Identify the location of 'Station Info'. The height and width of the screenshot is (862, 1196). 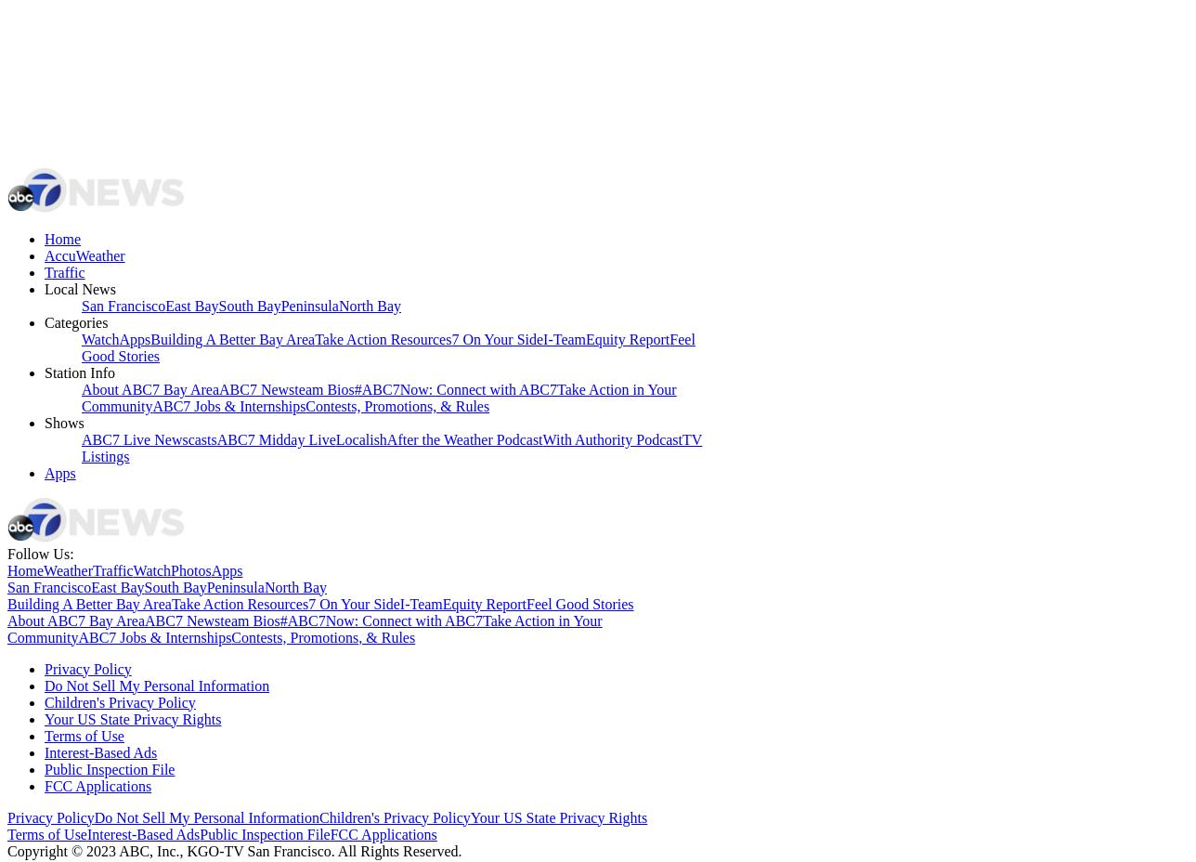
(80, 372).